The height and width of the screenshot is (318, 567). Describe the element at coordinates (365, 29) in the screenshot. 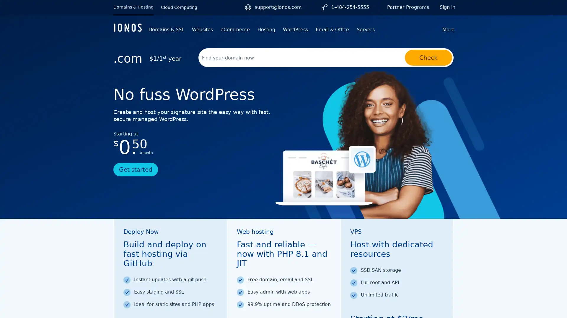

I see `Servers` at that location.